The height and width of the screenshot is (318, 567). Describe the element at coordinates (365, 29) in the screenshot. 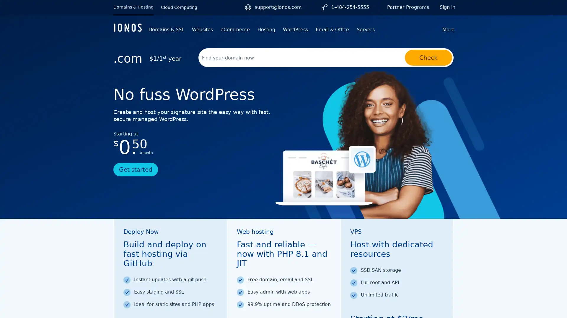

I see `Servers` at that location.